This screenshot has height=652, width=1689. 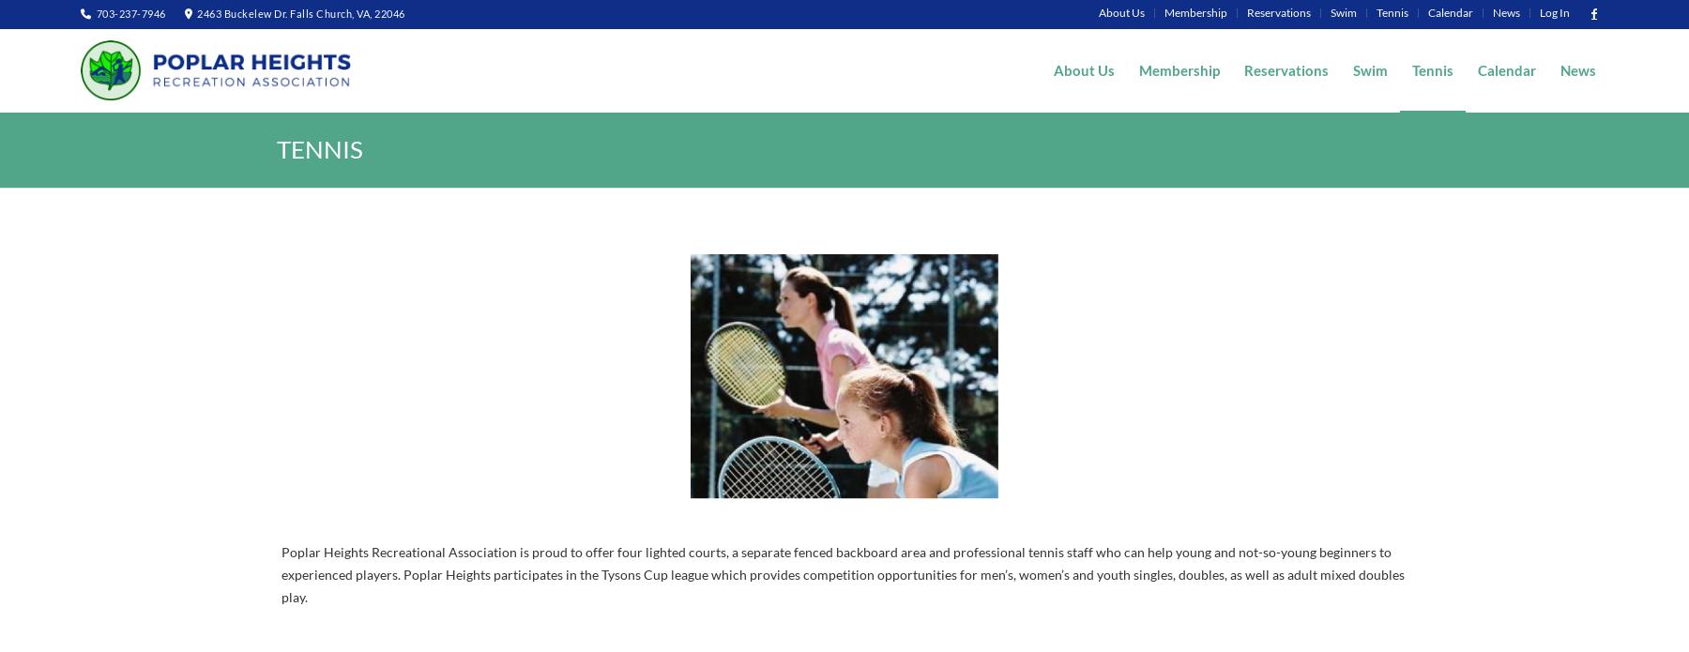 I want to click on 'Reservations', so click(x=1277, y=12).